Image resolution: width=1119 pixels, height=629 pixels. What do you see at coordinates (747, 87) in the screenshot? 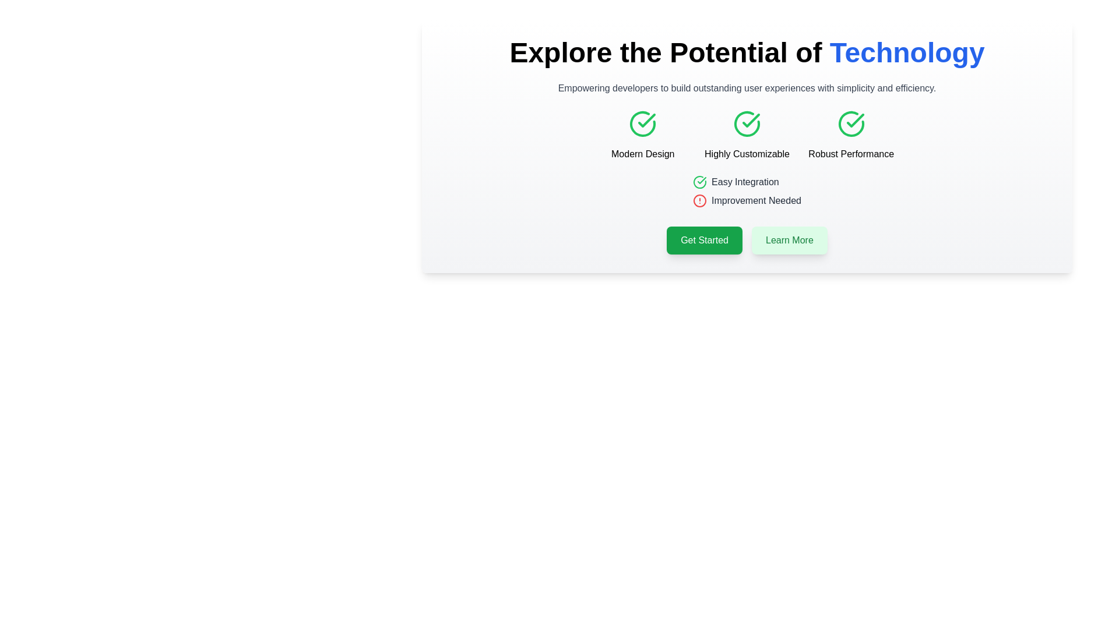
I see `the text block stating 'Empowering developers to build outstanding user experiences with simplicity and efficiency.' located below the heading 'Explore the Potential of Technology'` at bounding box center [747, 87].